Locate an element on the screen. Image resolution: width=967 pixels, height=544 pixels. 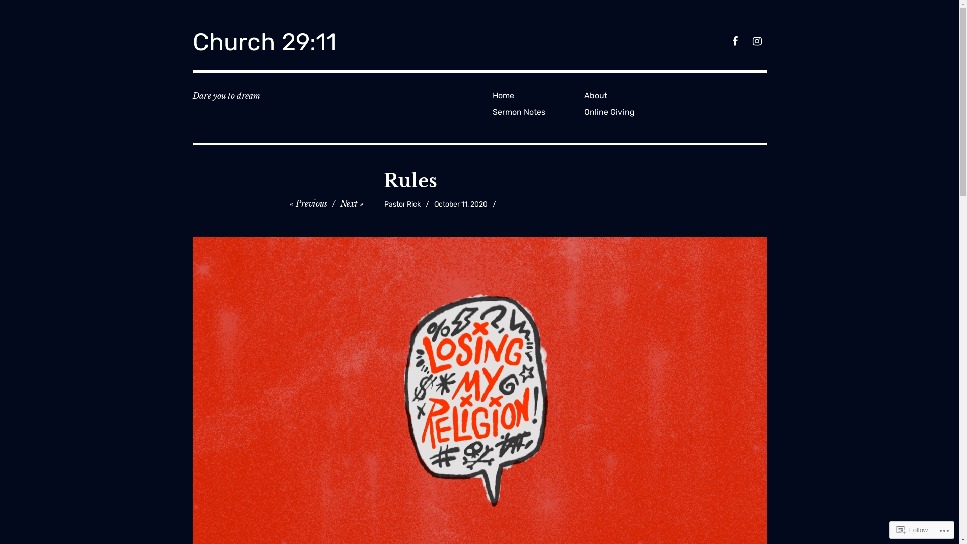
'Facebook' is located at coordinates (728, 42).